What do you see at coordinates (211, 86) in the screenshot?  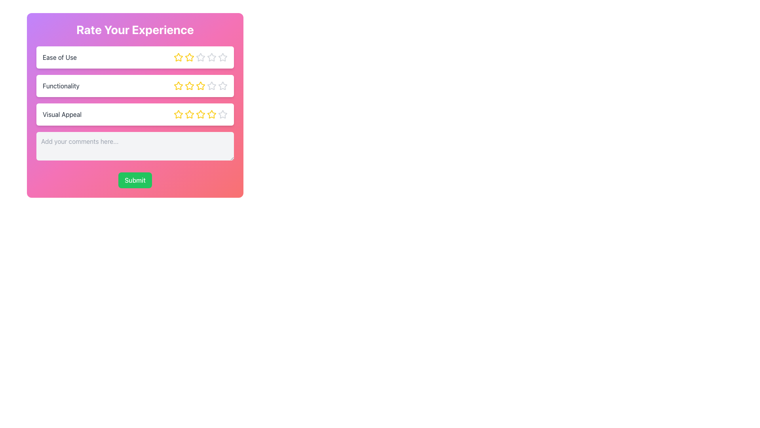 I see `the fourth hollow star icon in the 'Functionality' rating bar` at bounding box center [211, 86].